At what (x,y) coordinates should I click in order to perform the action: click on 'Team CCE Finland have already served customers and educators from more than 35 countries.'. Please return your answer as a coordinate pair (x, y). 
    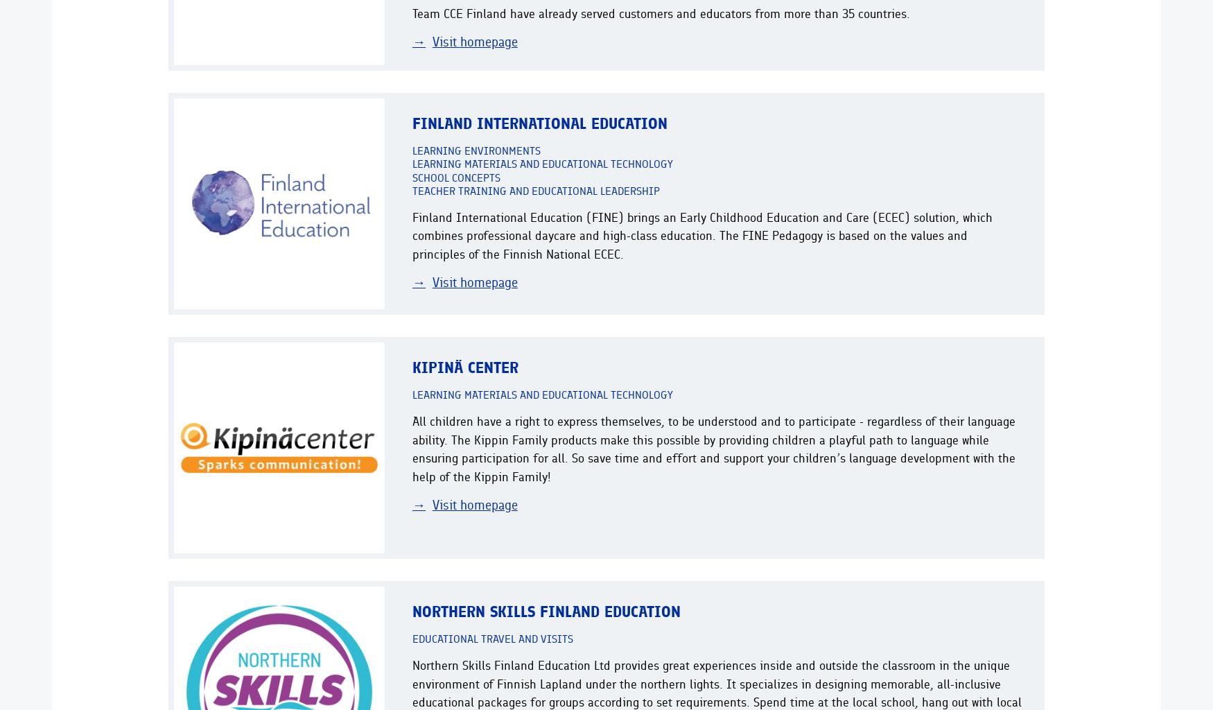
    Looking at the image, I should click on (412, 12).